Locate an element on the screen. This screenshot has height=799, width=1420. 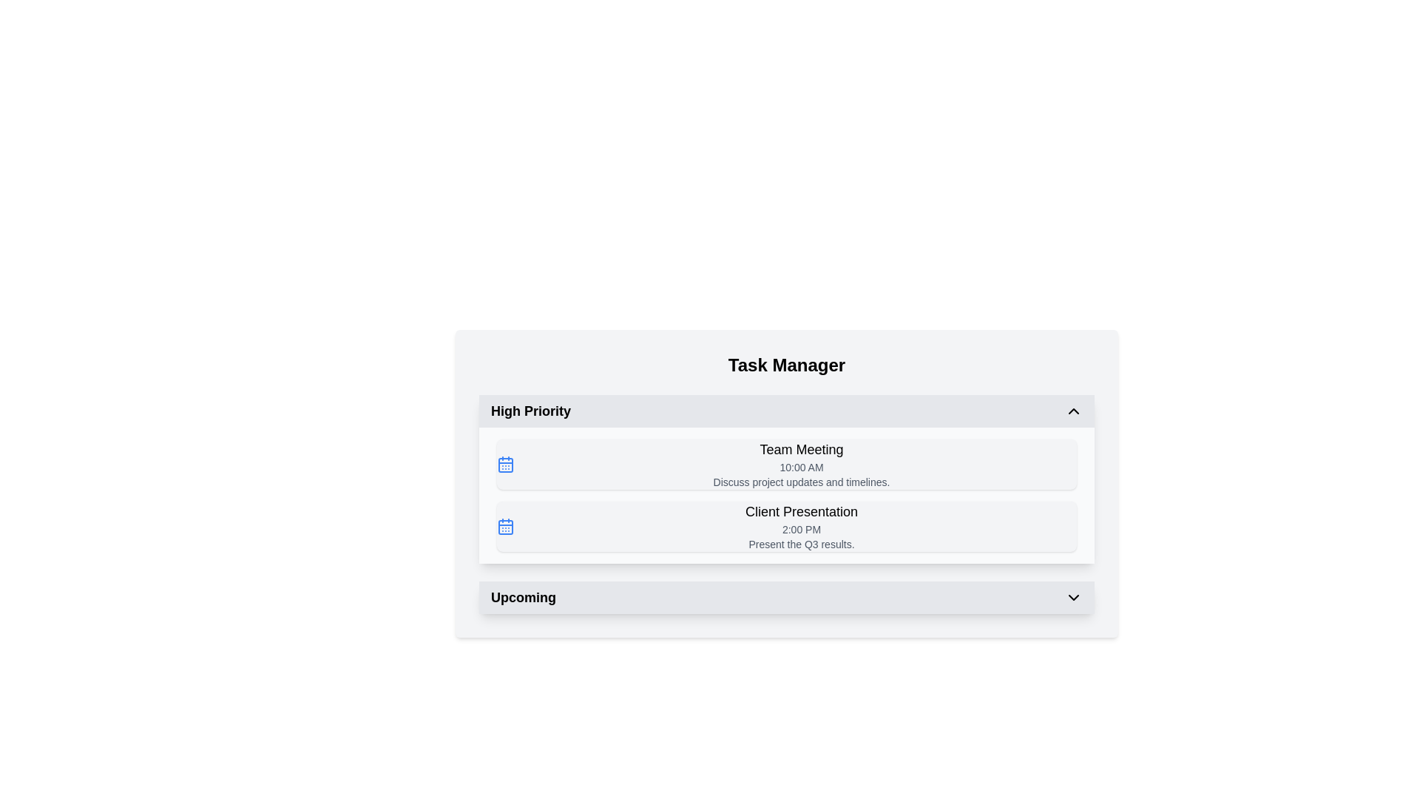
the text label providing information about the 'Team Meeting' task, which is located in the 'High Priority' section, positioned below '10:00 AM' and above the next task entry is located at coordinates (801, 482).